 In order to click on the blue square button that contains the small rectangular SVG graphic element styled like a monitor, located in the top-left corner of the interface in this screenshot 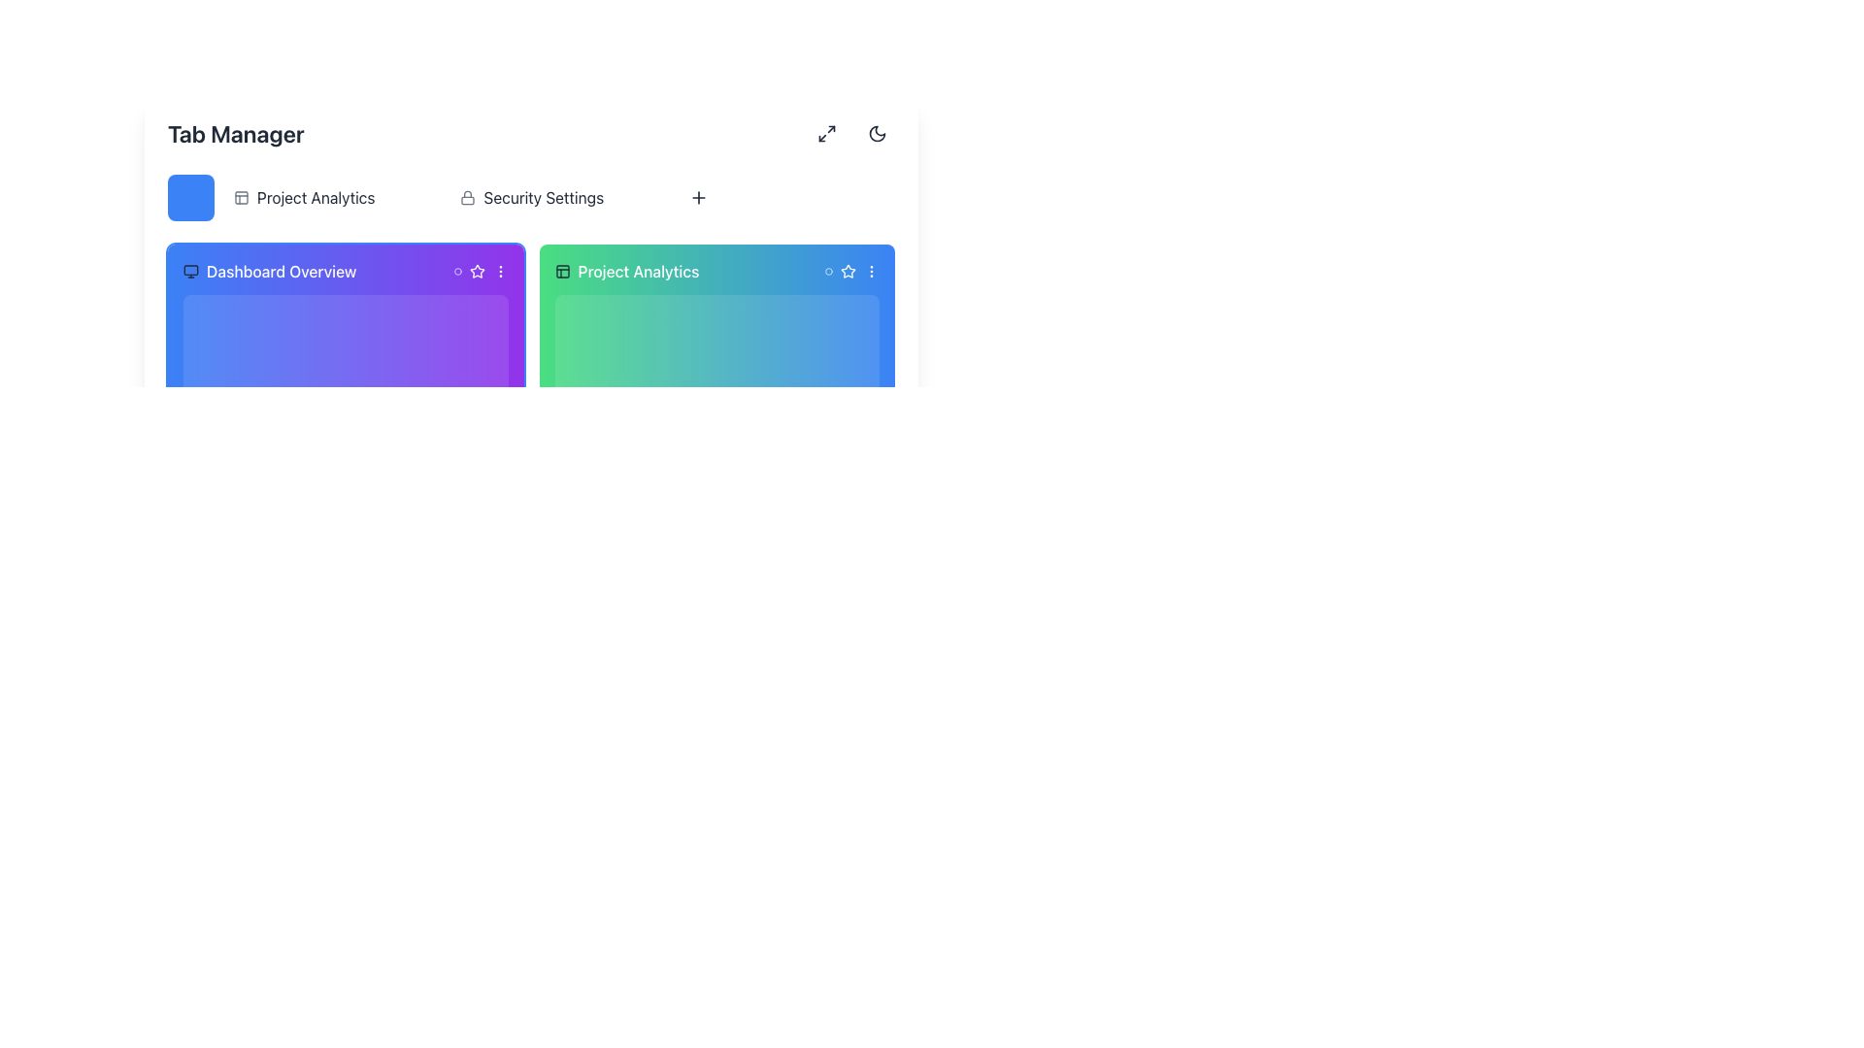, I will do `click(186, 195)`.